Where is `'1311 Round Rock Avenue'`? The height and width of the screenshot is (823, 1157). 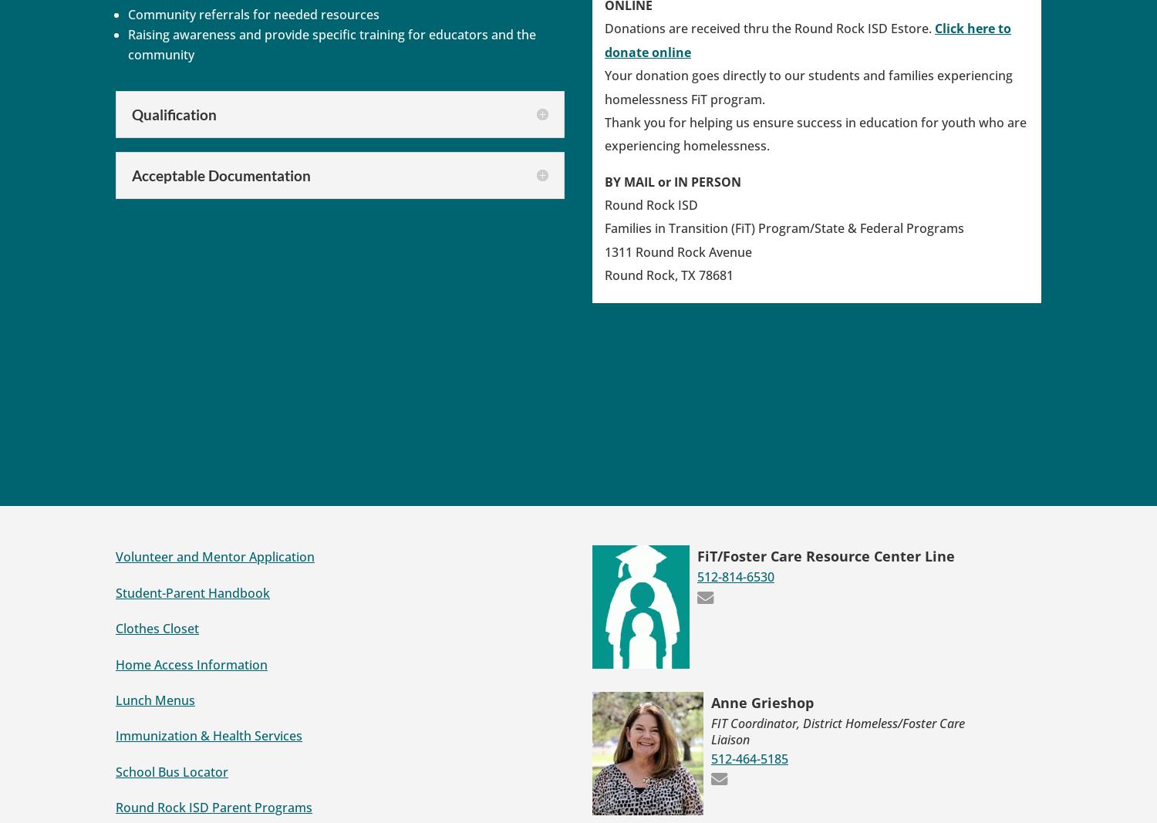 '1311 Round Rock Avenue' is located at coordinates (678, 251).